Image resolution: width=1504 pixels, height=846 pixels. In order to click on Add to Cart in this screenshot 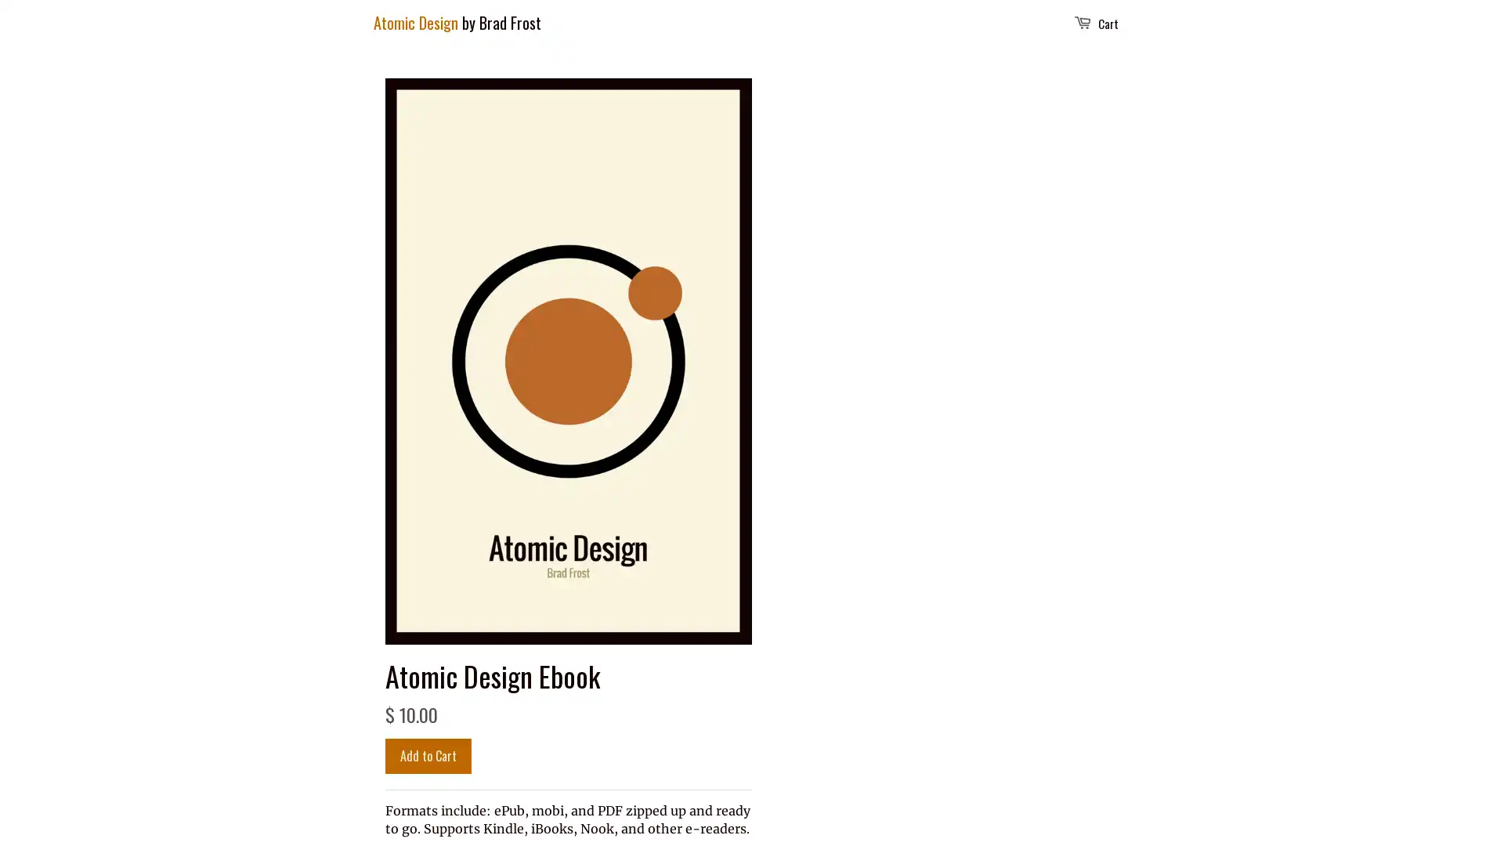, I will do `click(428, 754)`.